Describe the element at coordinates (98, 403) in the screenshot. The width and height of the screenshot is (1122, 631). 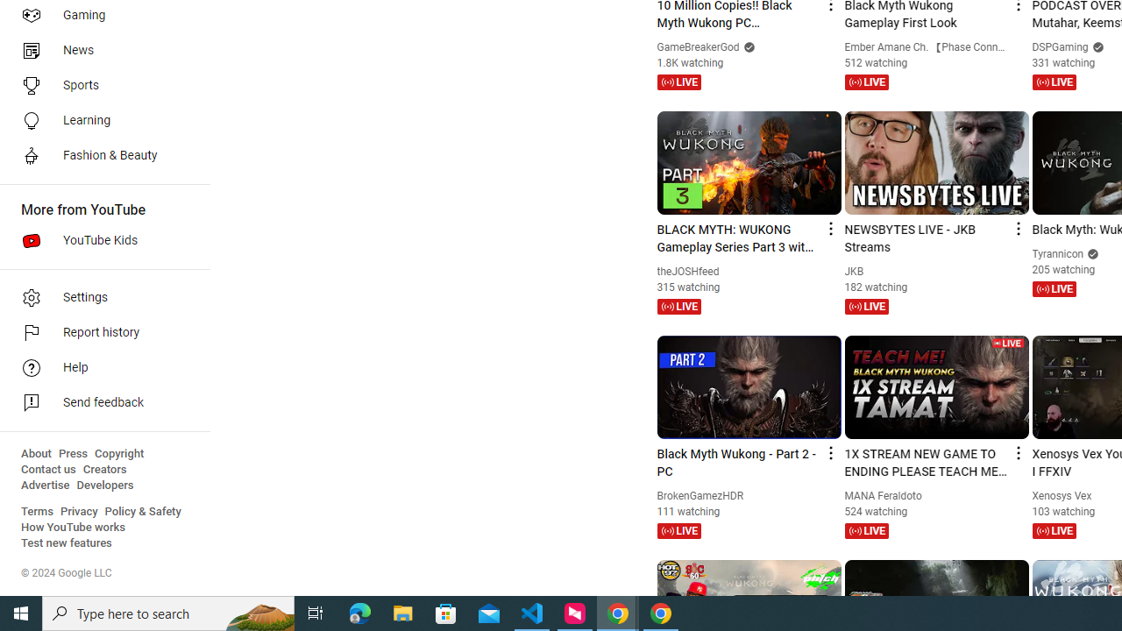
I see `'Send feedback'` at that location.